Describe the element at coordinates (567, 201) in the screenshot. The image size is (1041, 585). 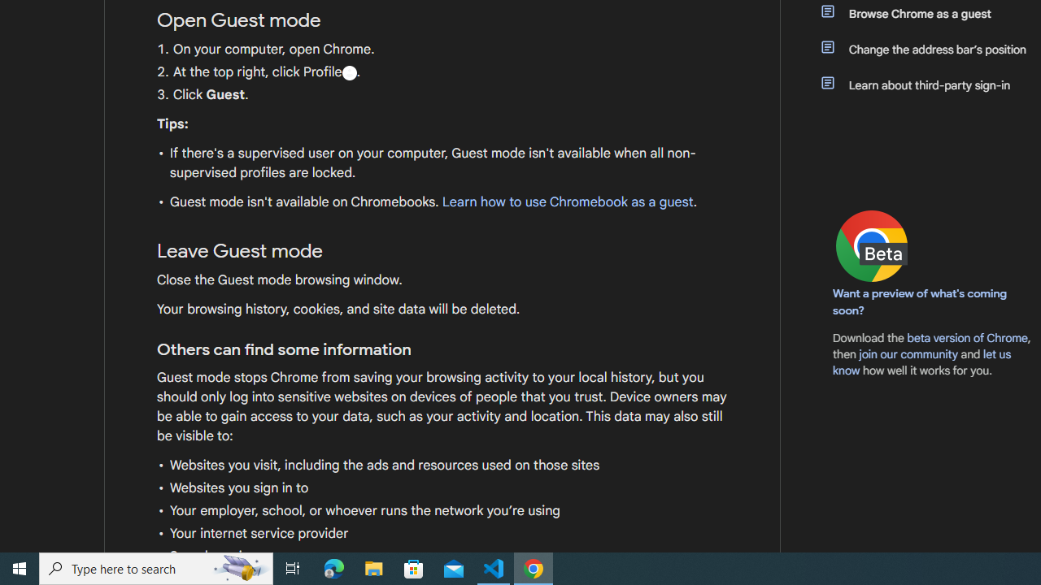
I see `'Learn how to use Chromebook as a guest'` at that location.